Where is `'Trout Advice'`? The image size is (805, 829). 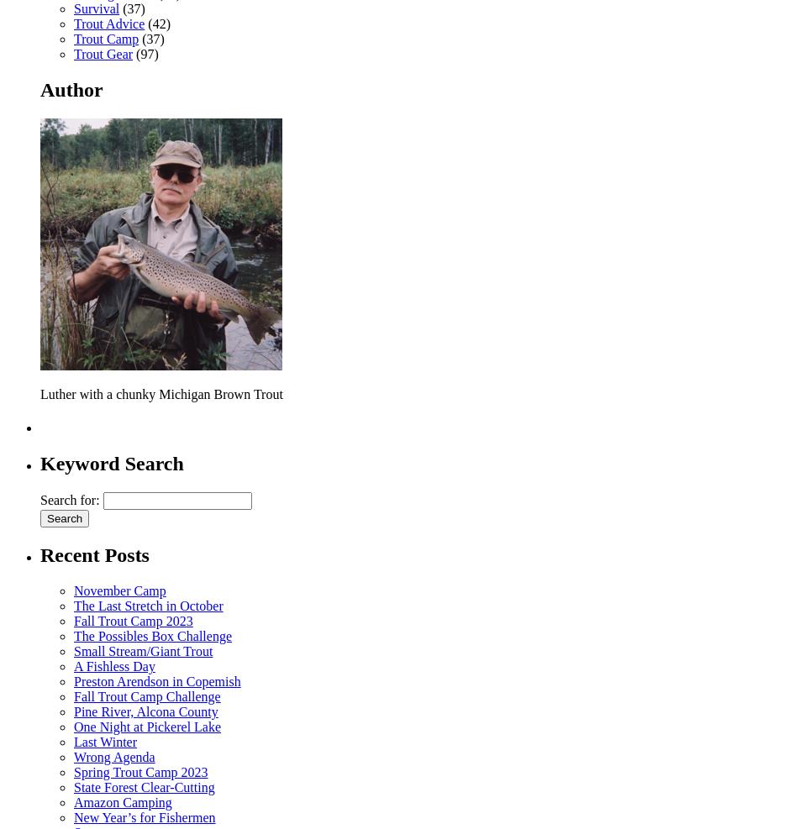
'Trout Advice' is located at coordinates (109, 23).